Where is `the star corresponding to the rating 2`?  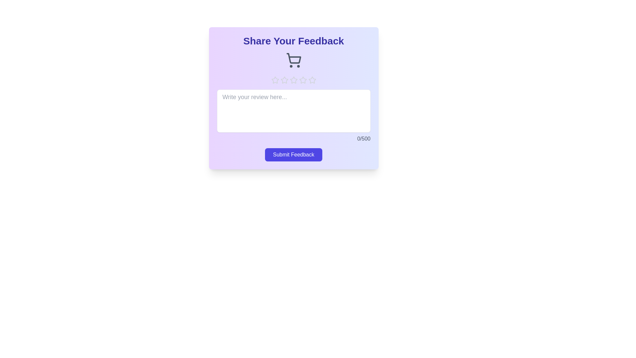
the star corresponding to the rating 2 is located at coordinates (284, 80).